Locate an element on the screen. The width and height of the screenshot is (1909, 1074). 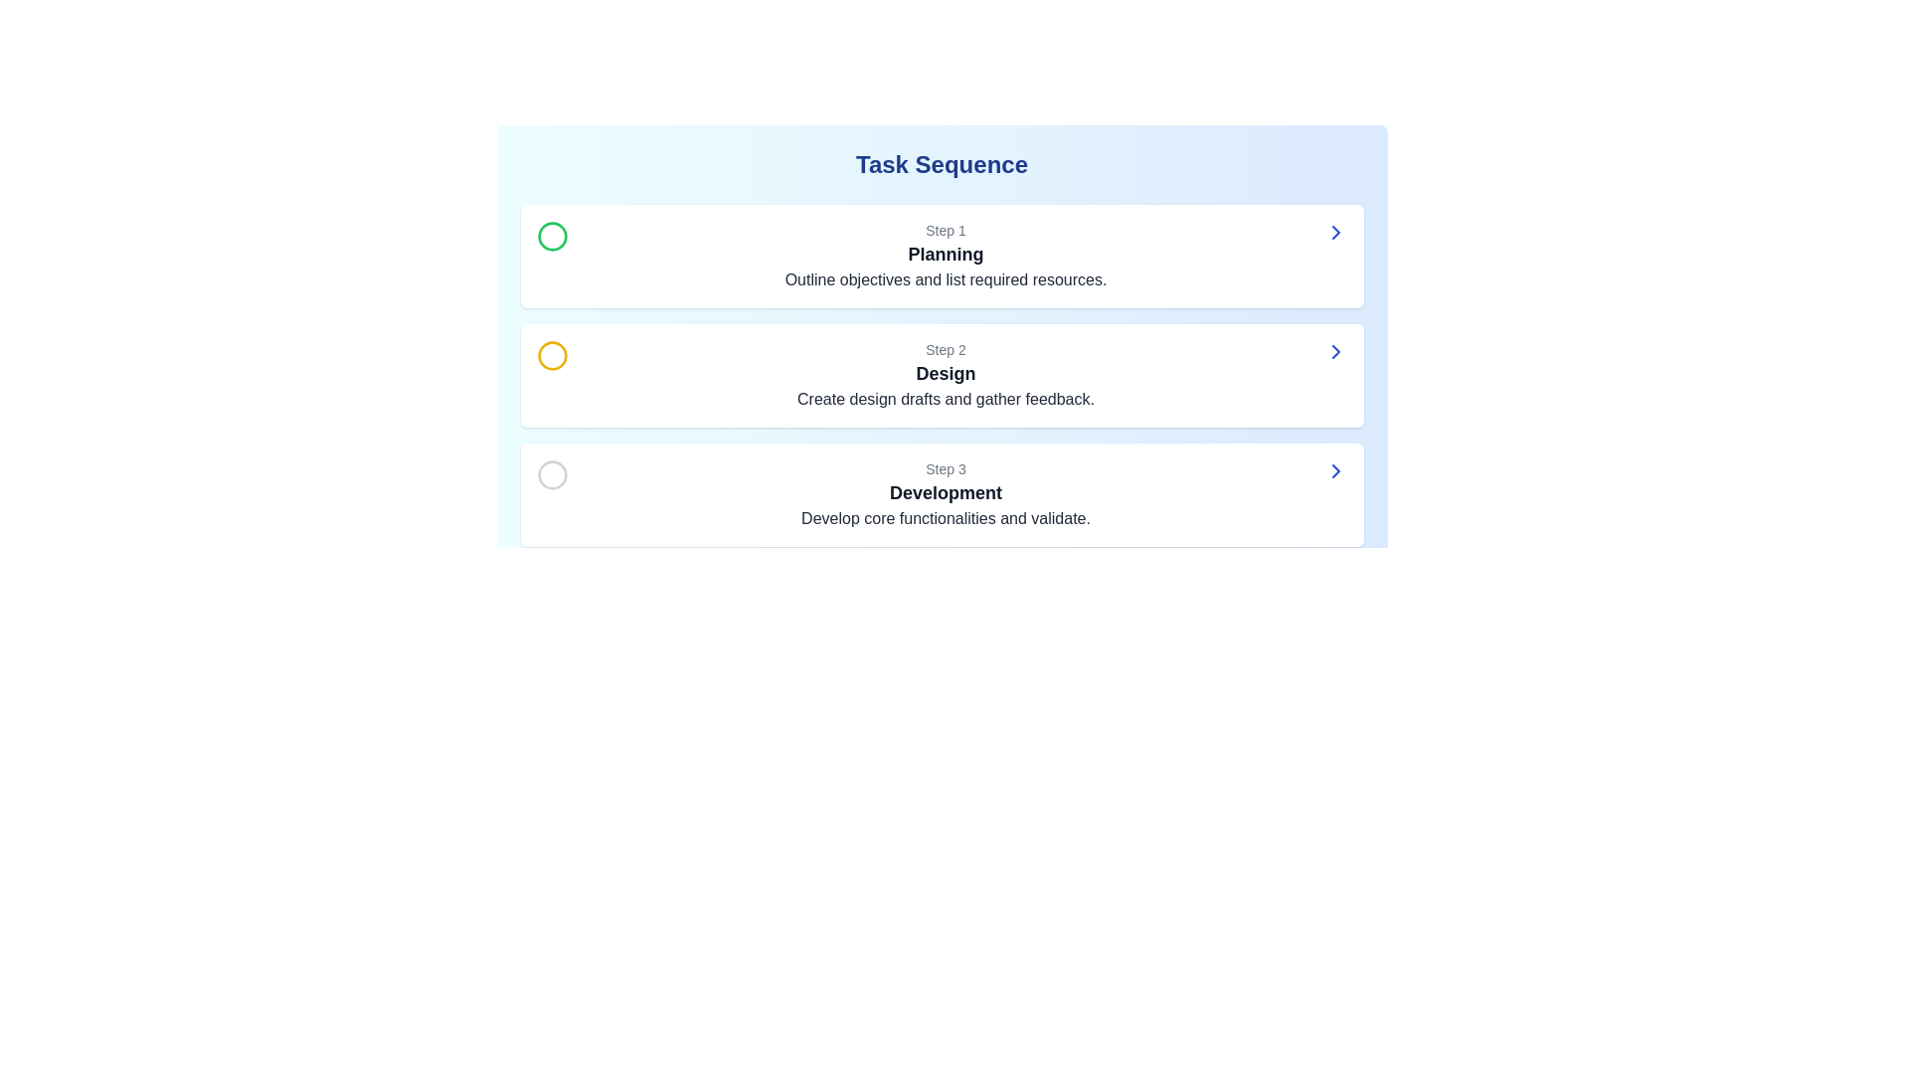
the Informational card indicating the 'Design' phase, which is the second card in a vertical sequence is located at coordinates (941, 376).